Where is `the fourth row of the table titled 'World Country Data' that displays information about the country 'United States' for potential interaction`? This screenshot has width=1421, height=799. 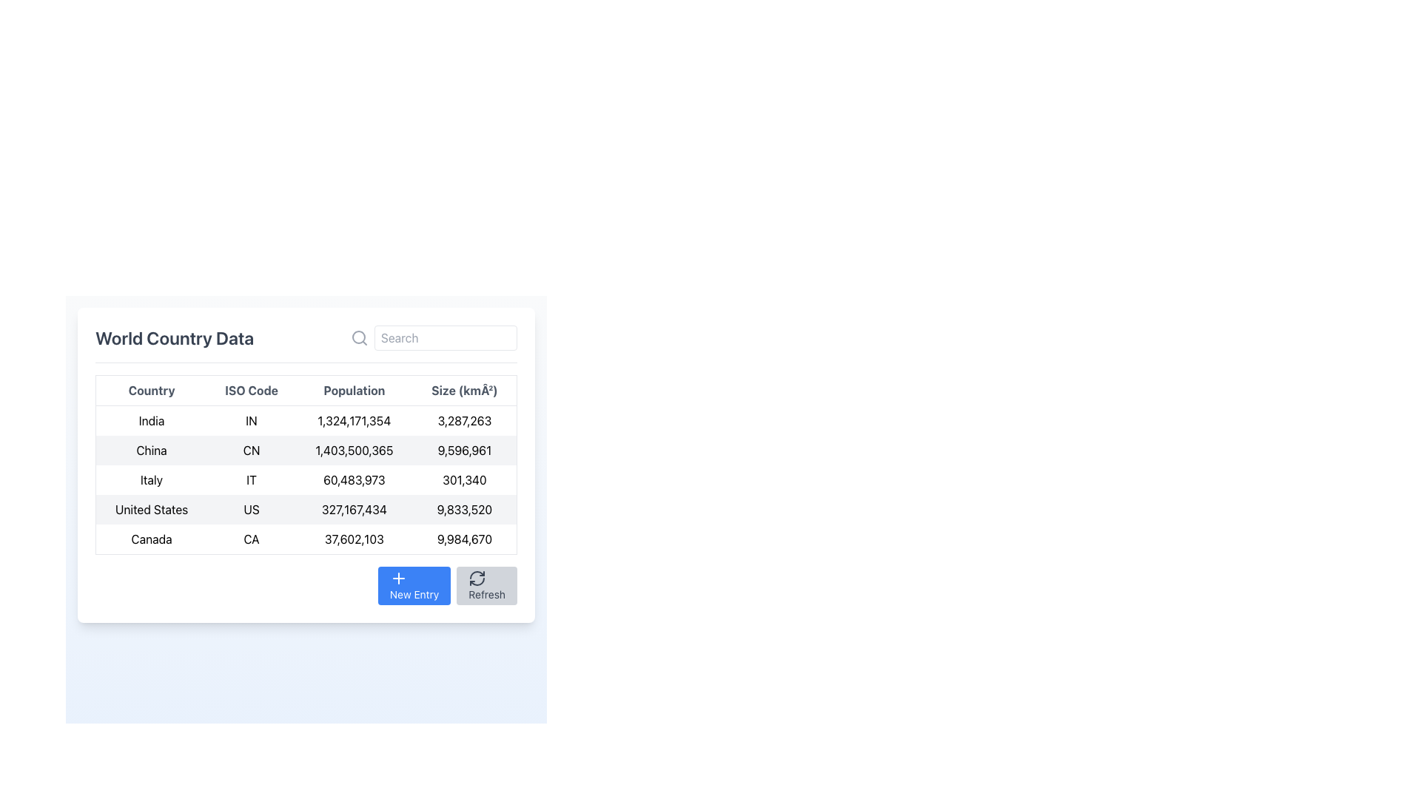
the fourth row of the table titled 'World Country Data' that displays information about the country 'United States' for potential interaction is located at coordinates (305, 509).